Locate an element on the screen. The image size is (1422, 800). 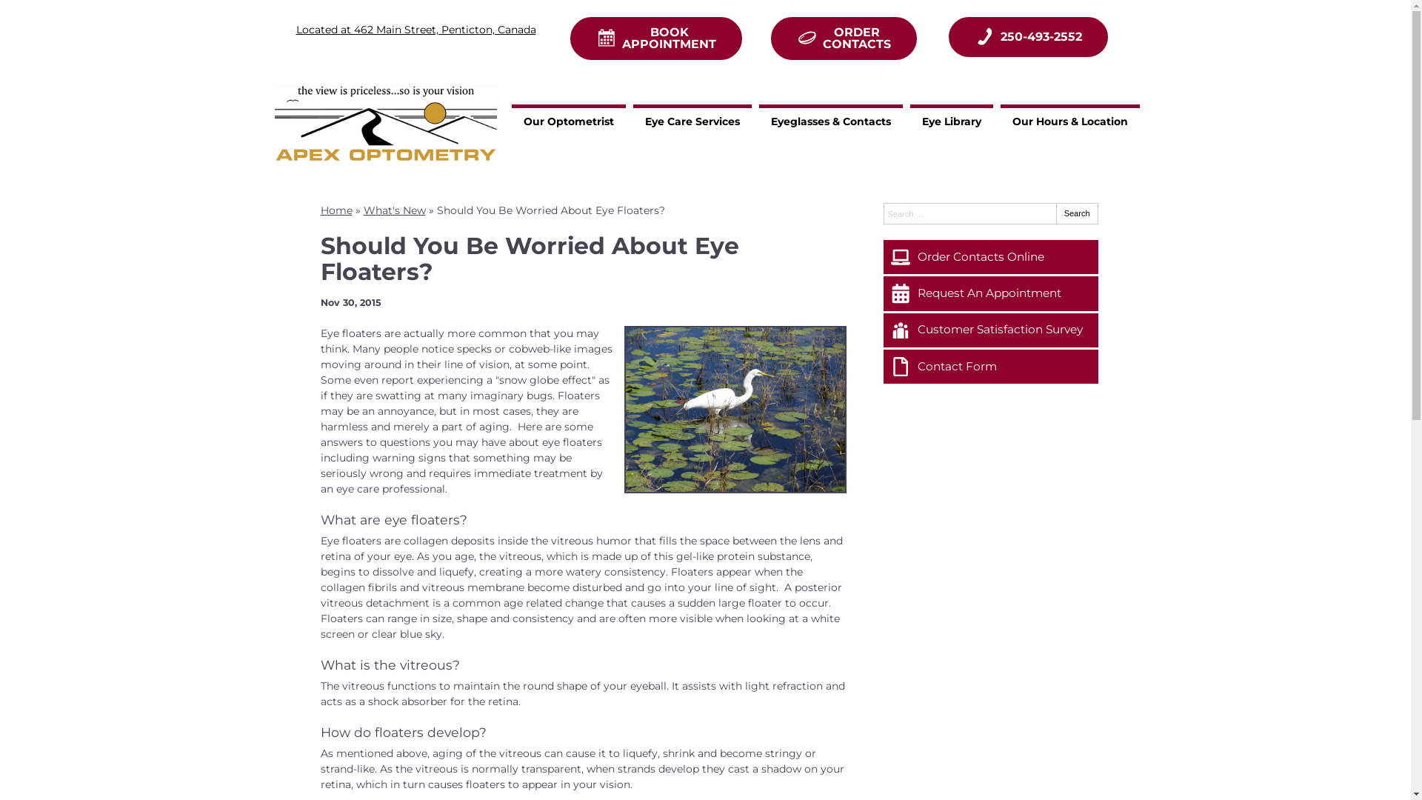
'ORDER CONTACTS' is located at coordinates (844, 37).